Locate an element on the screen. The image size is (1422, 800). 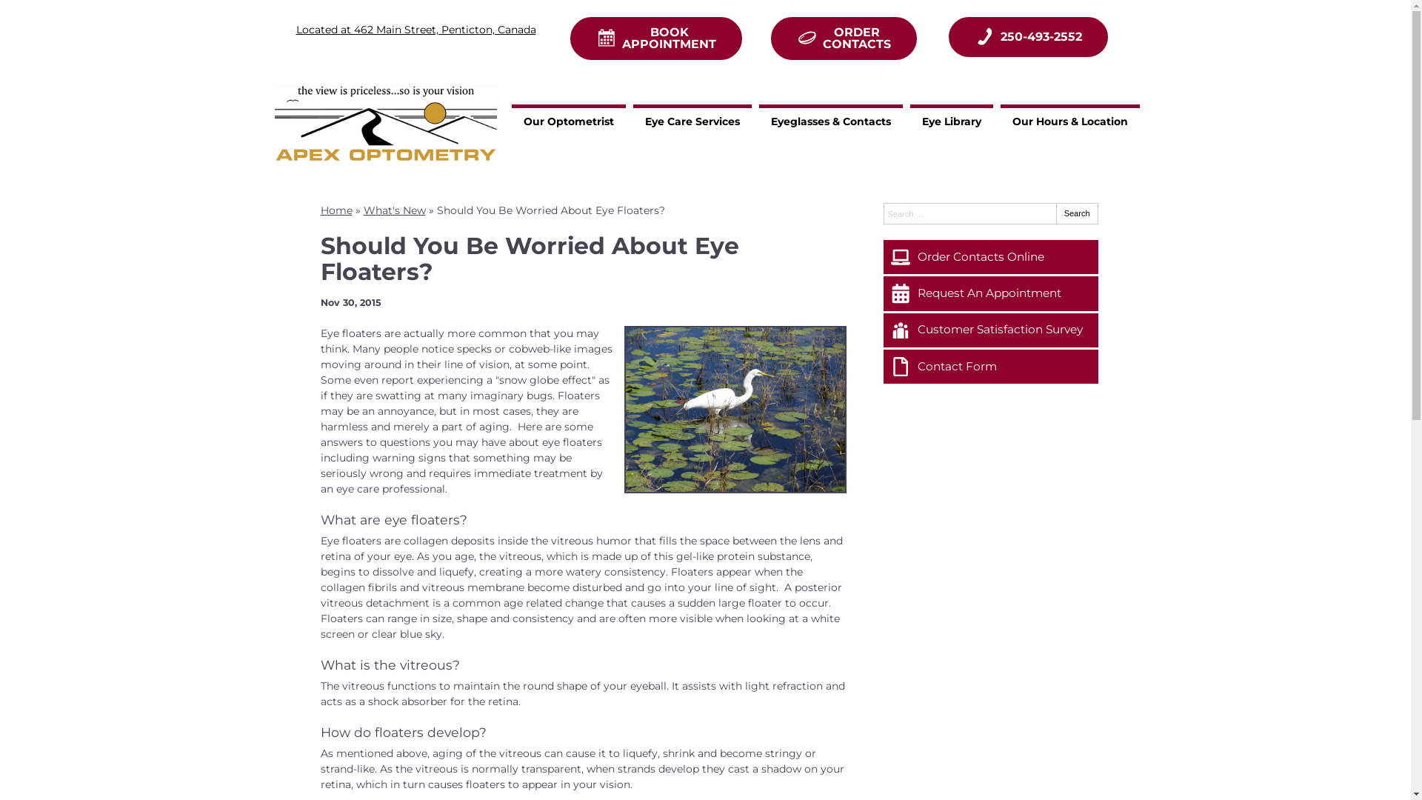
'ORDER CONTACTS' is located at coordinates (844, 37).